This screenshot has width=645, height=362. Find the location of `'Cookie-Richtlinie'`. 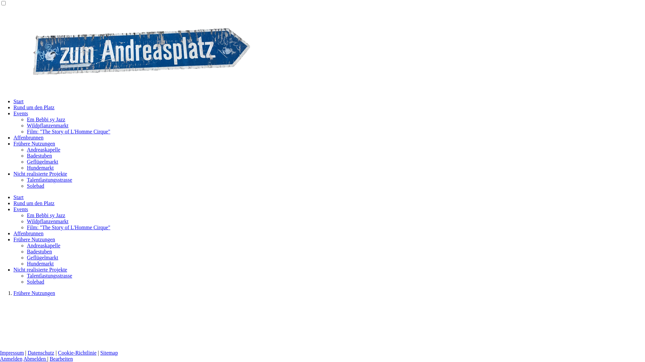

'Cookie-Richtlinie' is located at coordinates (77, 352).